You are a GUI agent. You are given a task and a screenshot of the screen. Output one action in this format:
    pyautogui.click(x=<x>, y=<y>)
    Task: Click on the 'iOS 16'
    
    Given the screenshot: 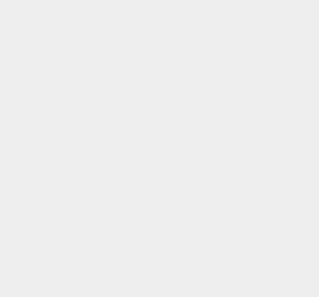 What is the action you would take?
    pyautogui.click(x=231, y=182)
    